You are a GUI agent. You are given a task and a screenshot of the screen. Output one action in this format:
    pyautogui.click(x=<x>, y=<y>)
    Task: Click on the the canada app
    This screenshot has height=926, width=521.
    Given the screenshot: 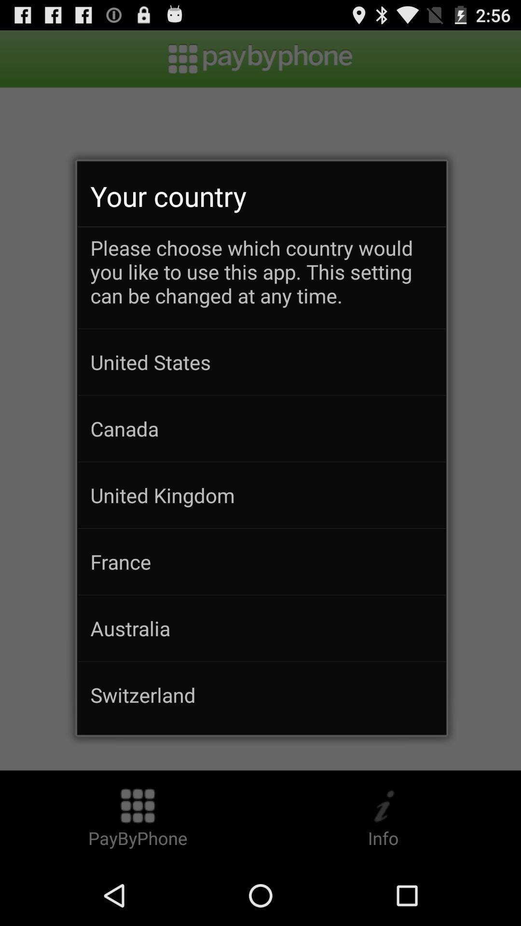 What is the action you would take?
    pyautogui.click(x=261, y=428)
    